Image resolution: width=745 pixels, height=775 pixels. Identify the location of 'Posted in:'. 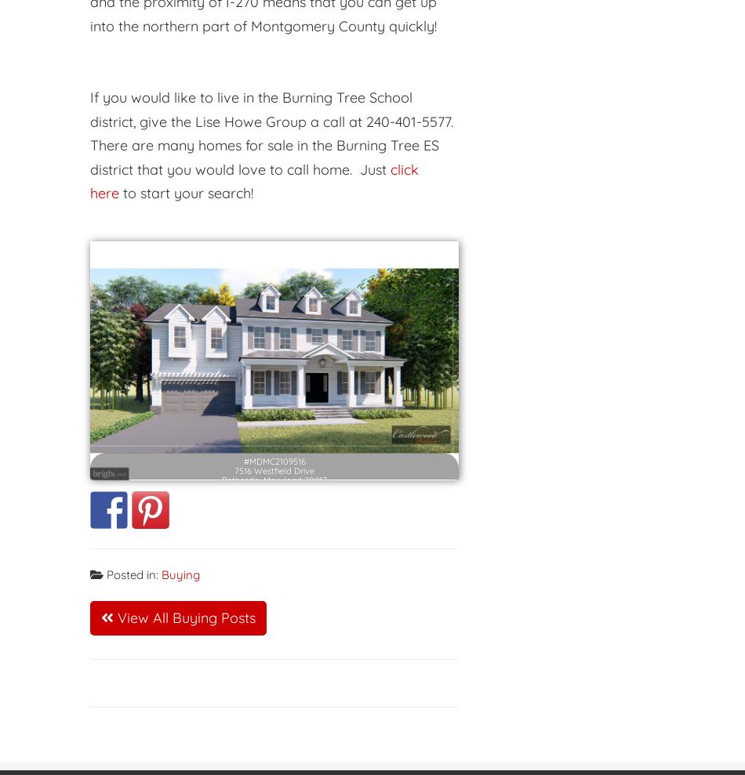
(133, 574).